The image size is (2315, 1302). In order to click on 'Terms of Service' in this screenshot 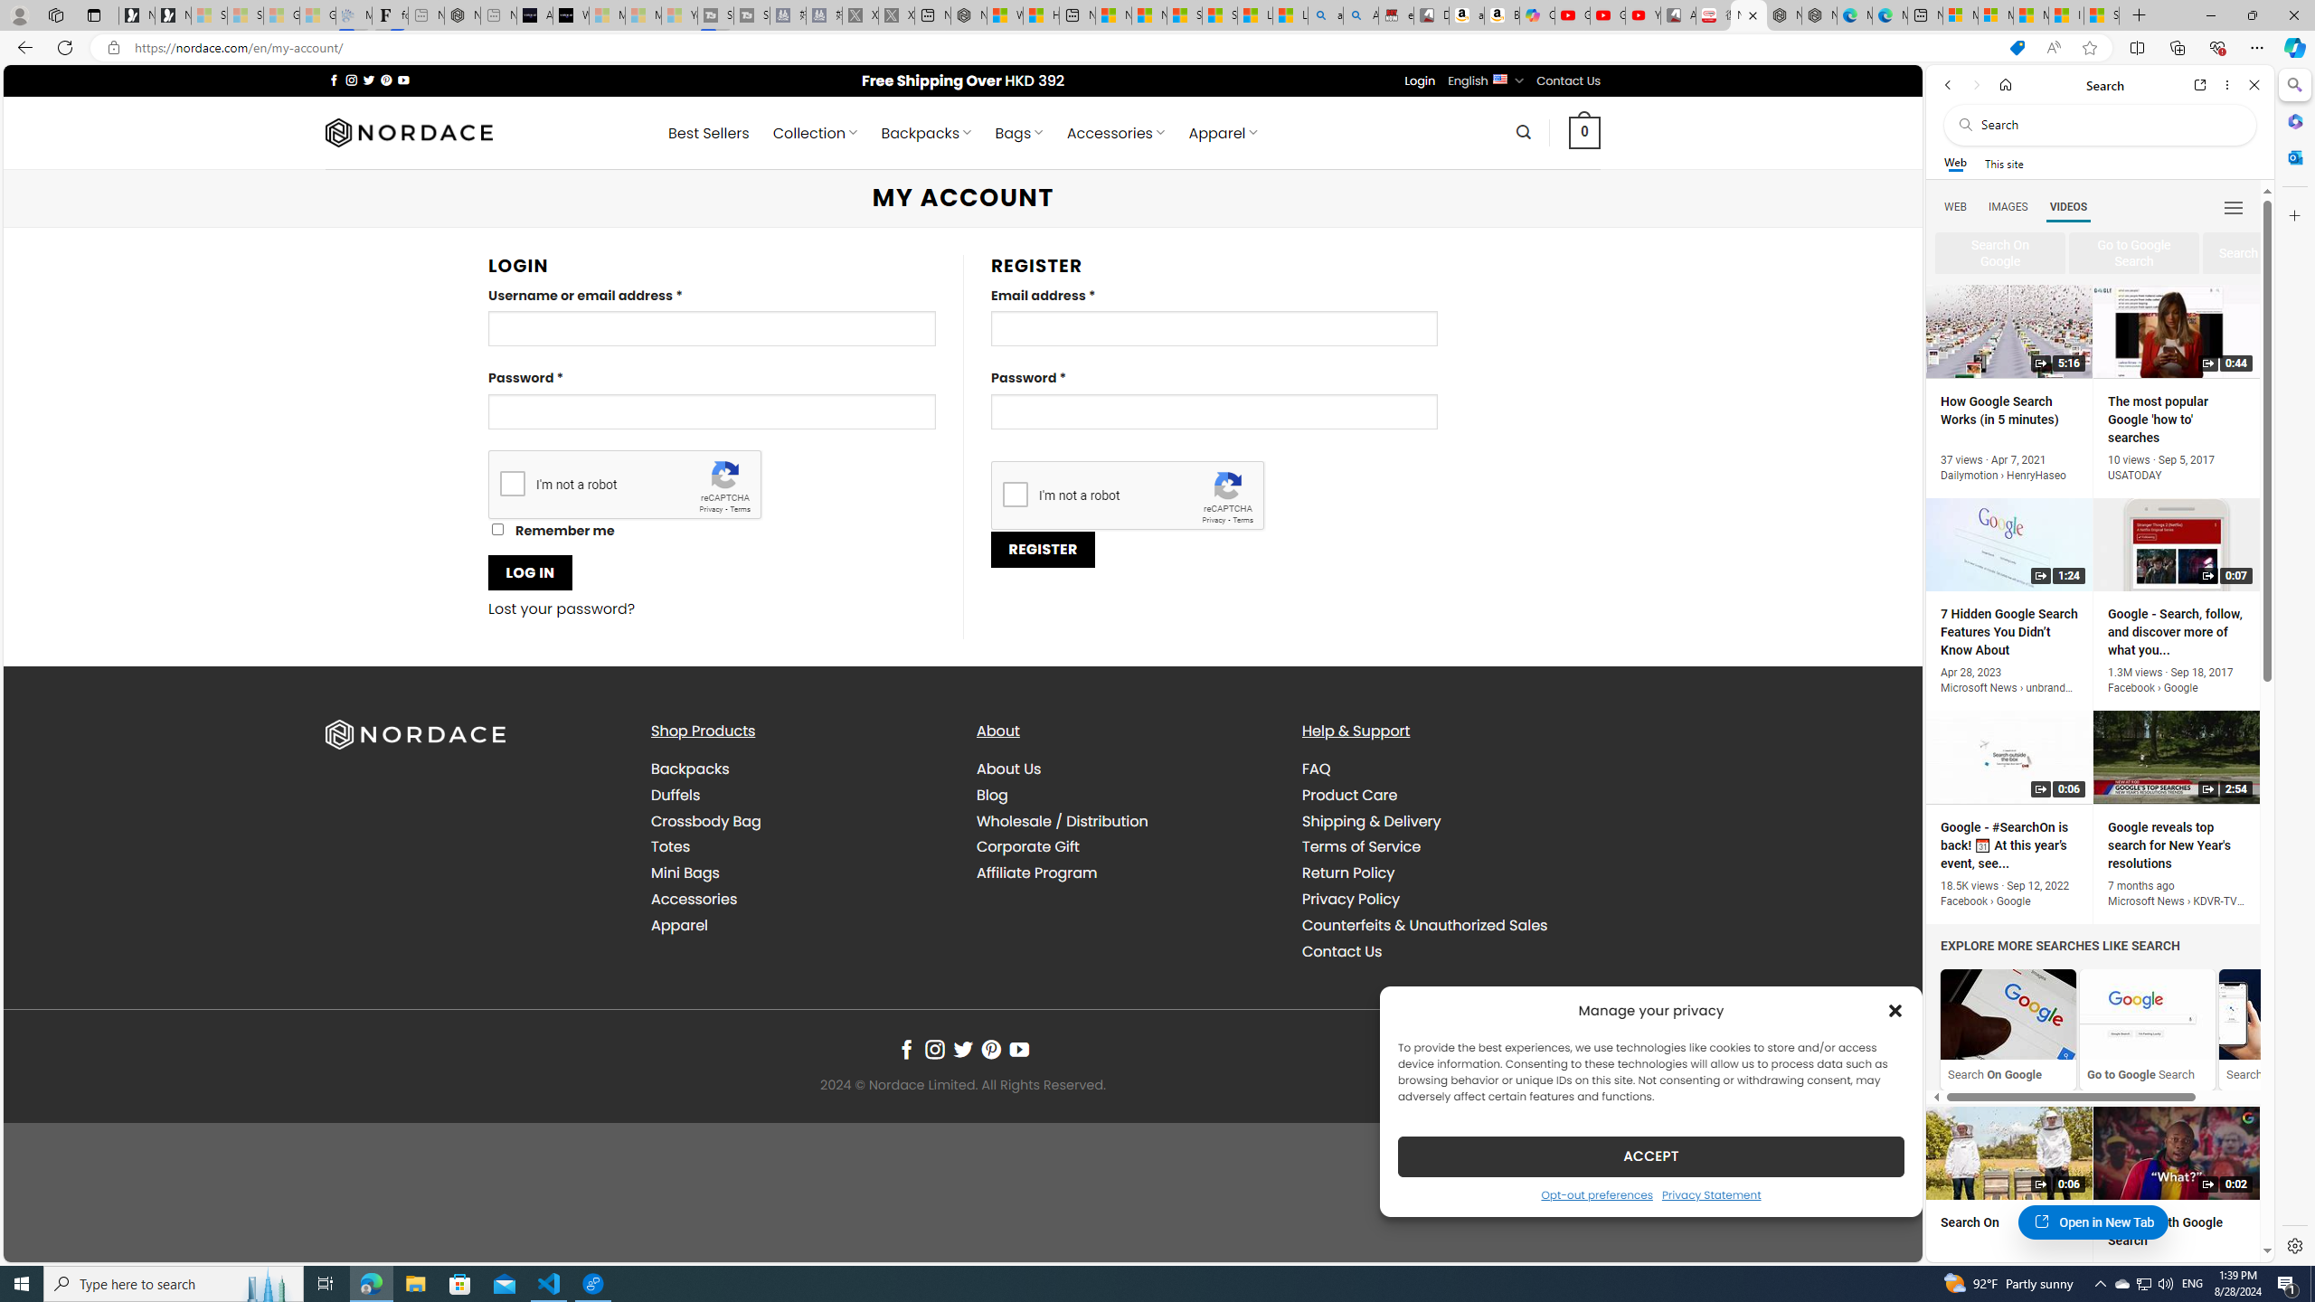, I will do `click(1449, 847)`.